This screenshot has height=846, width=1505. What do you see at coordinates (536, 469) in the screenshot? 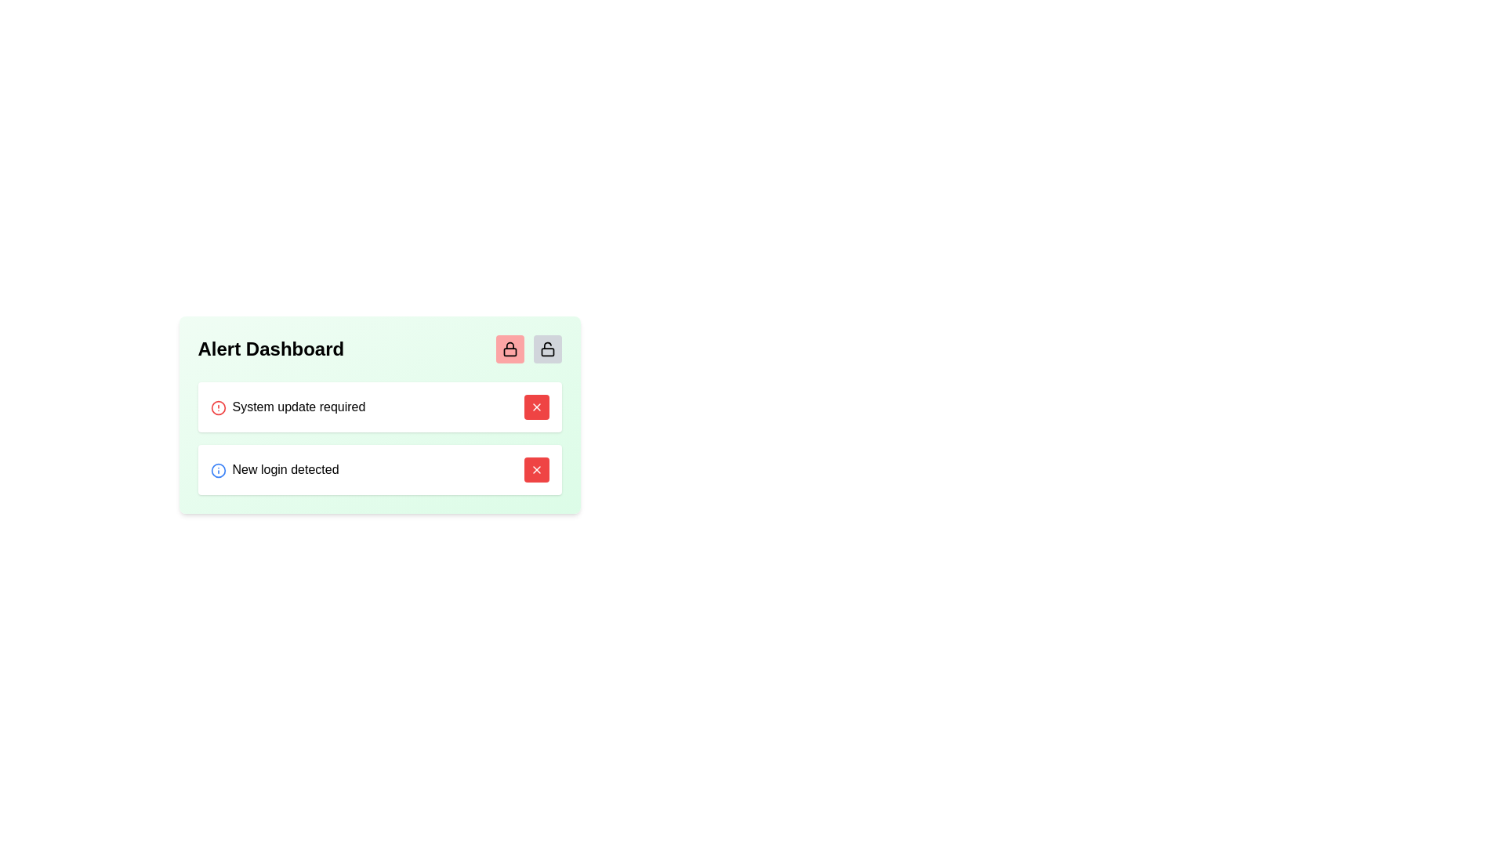
I see `the dismiss button located at the far right of the 'New login detected' notification card` at bounding box center [536, 469].